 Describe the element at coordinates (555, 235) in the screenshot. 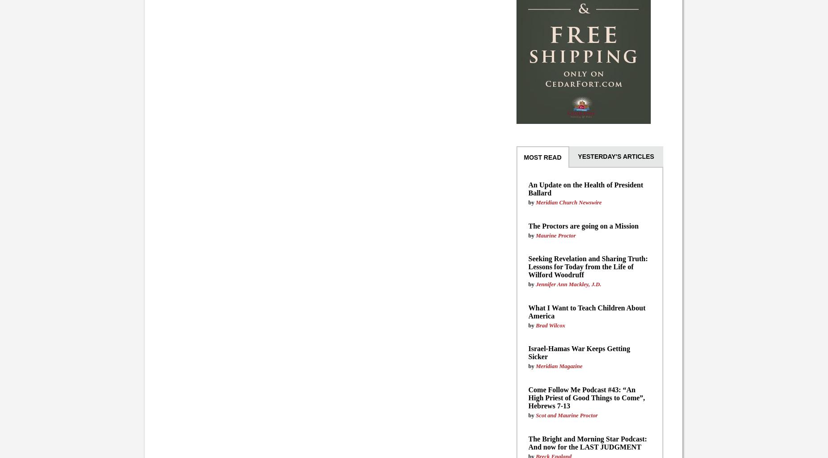

I see `'Maurine Proctor'` at that location.